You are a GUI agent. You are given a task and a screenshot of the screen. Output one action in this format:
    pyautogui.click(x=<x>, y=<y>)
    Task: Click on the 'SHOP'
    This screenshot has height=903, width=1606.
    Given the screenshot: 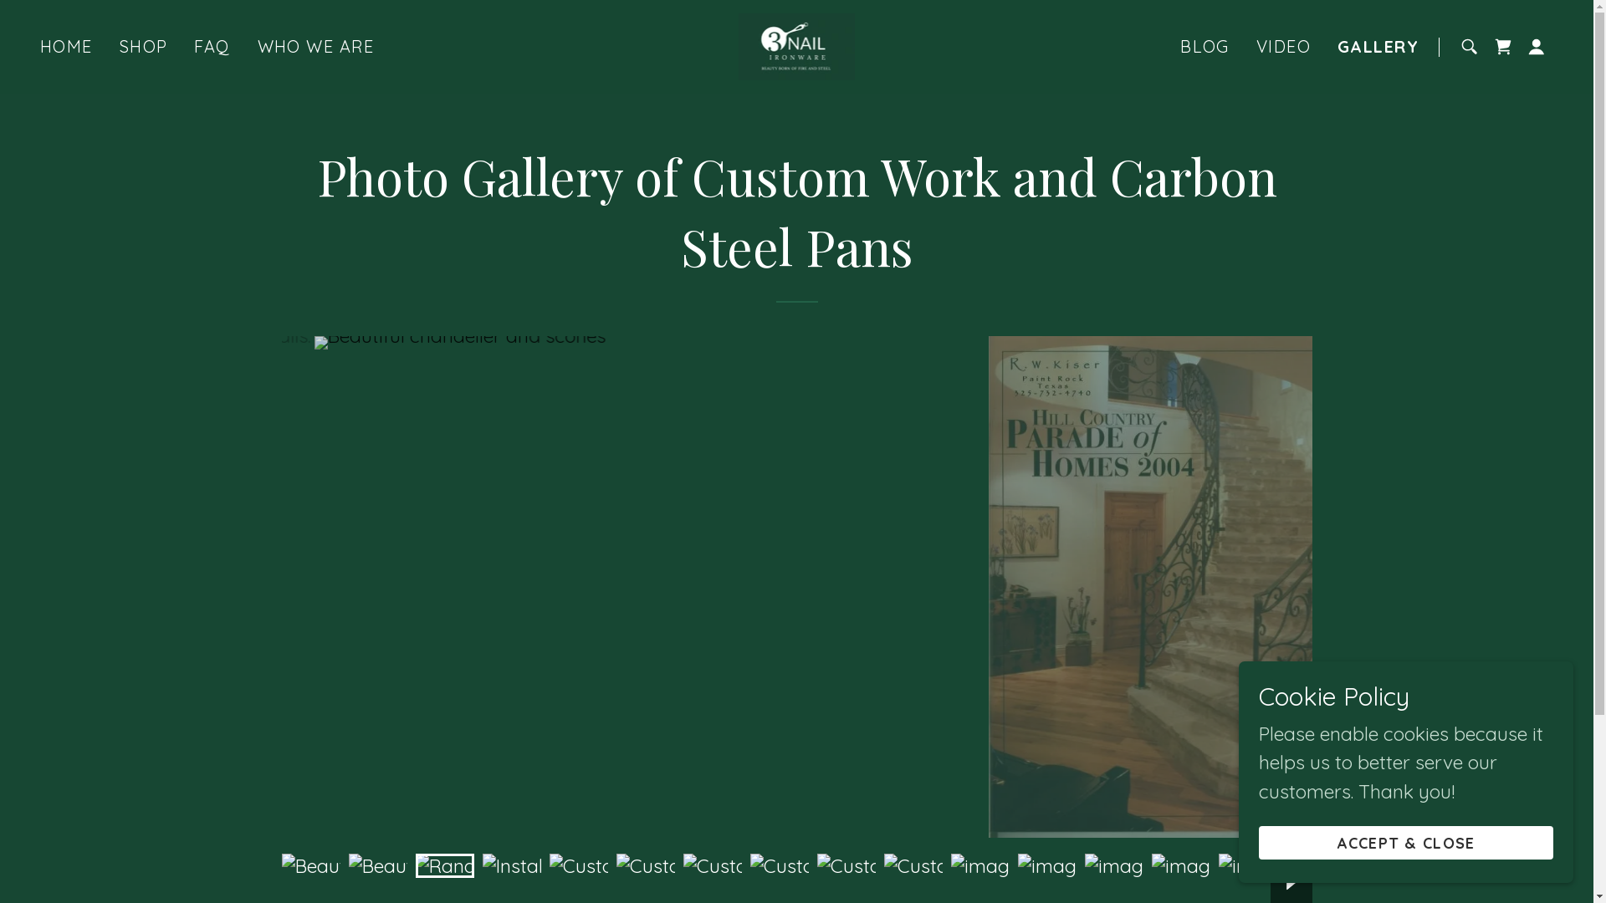 What is the action you would take?
    pyautogui.click(x=144, y=46)
    